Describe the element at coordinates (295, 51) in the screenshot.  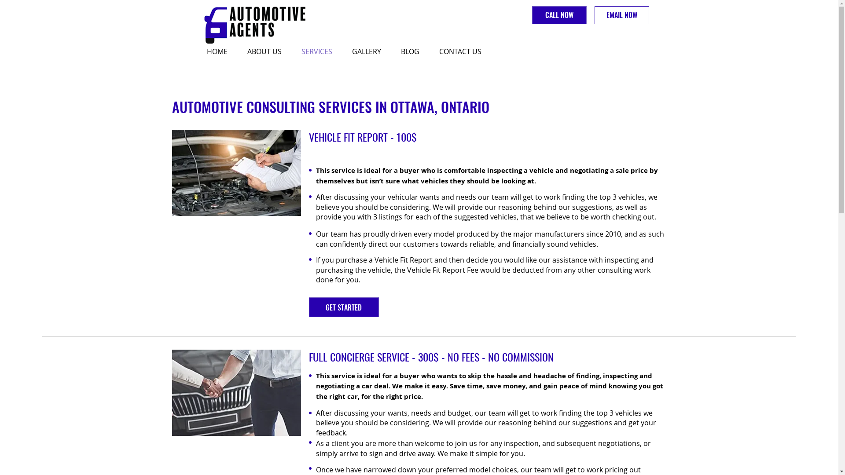
I see `'SERVICES'` at that location.